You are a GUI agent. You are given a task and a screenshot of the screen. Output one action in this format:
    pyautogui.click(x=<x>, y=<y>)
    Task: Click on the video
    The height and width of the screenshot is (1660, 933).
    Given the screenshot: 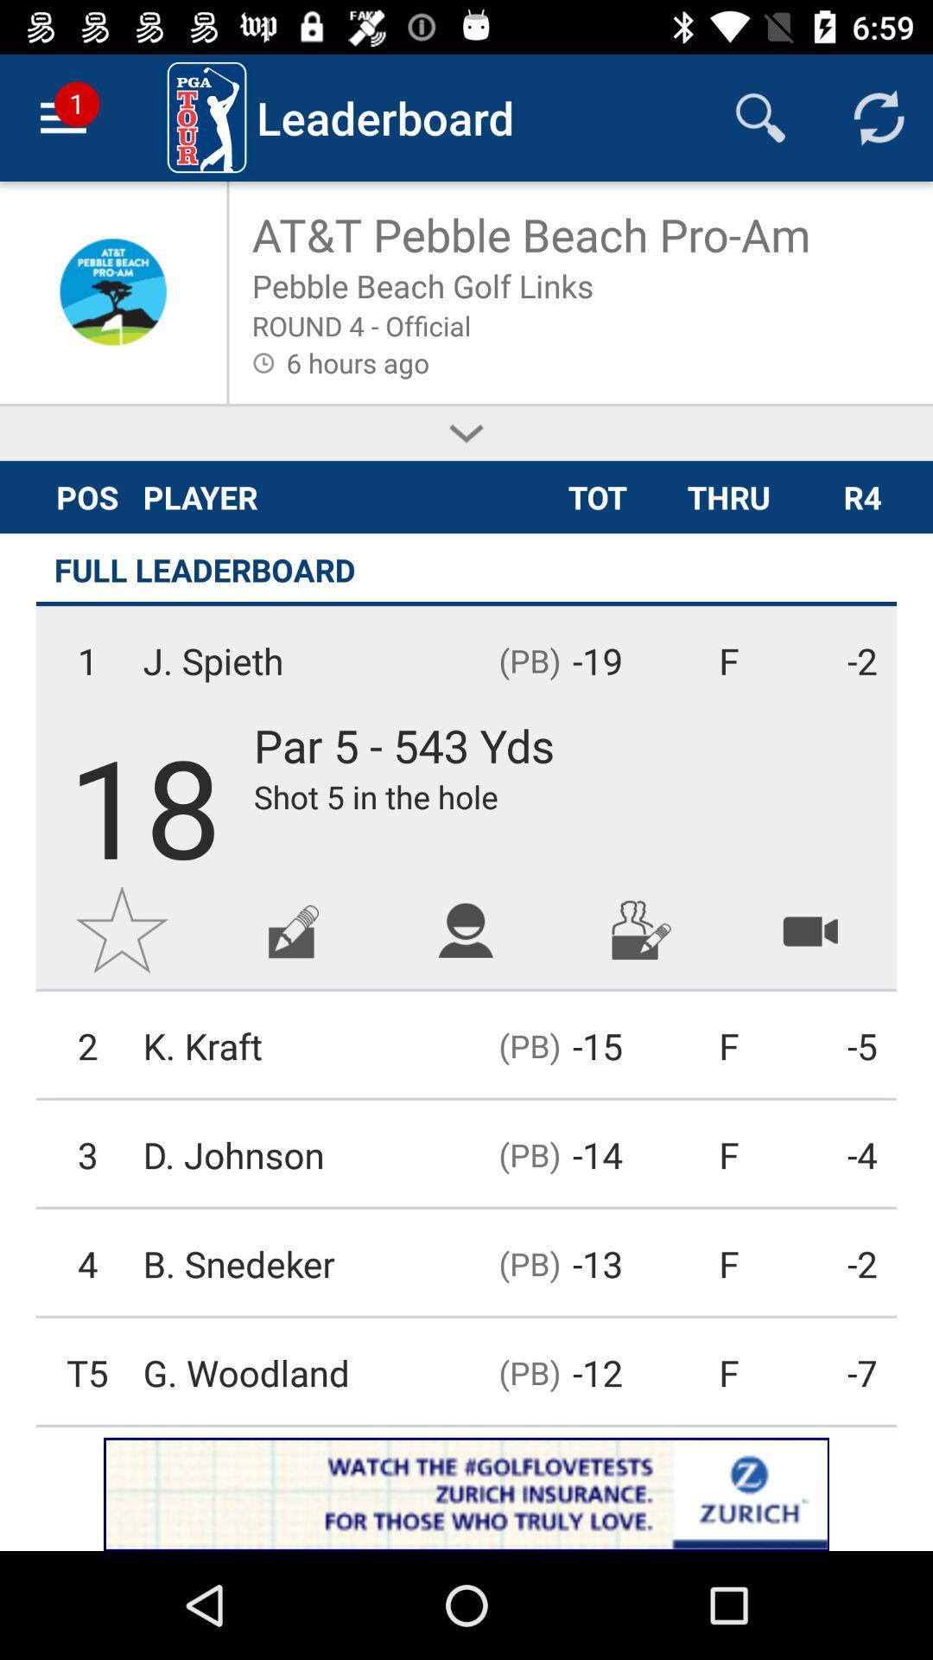 What is the action you would take?
    pyautogui.click(x=810, y=929)
    